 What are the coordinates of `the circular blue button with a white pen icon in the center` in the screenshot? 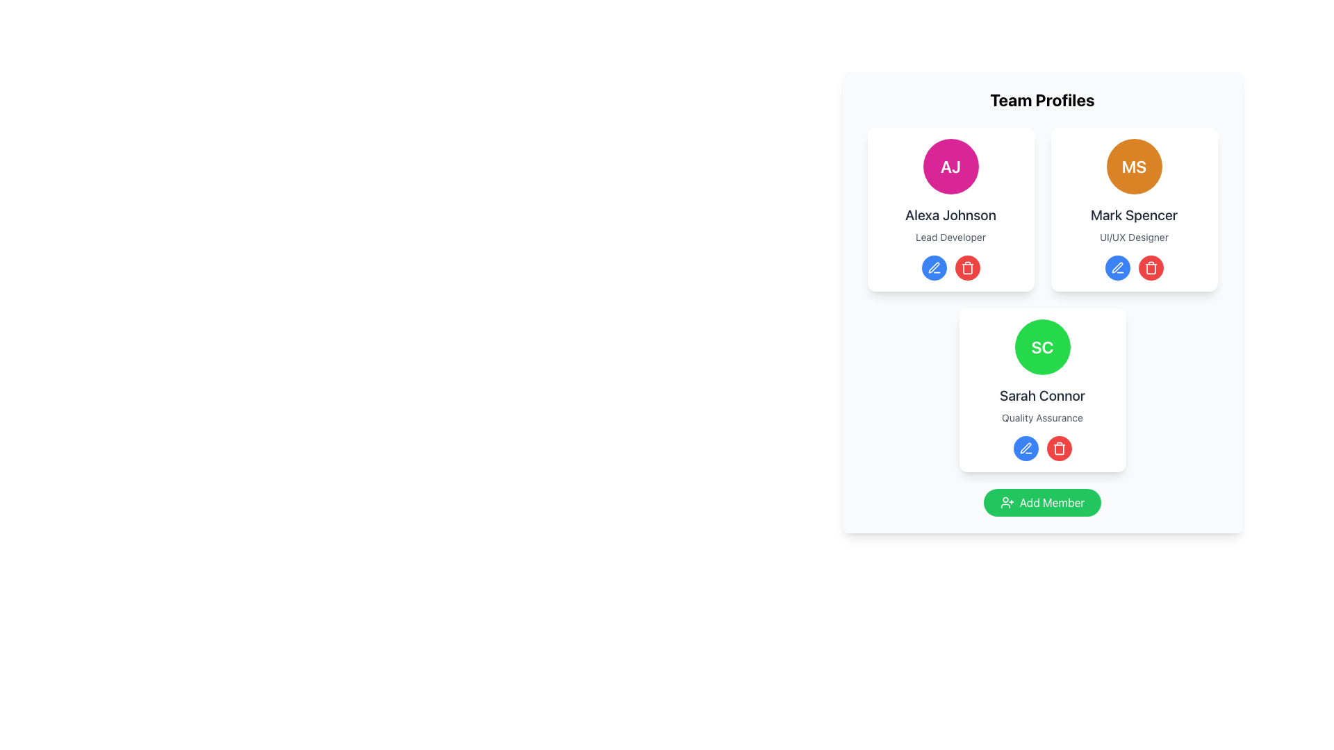 It's located at (934, 267).